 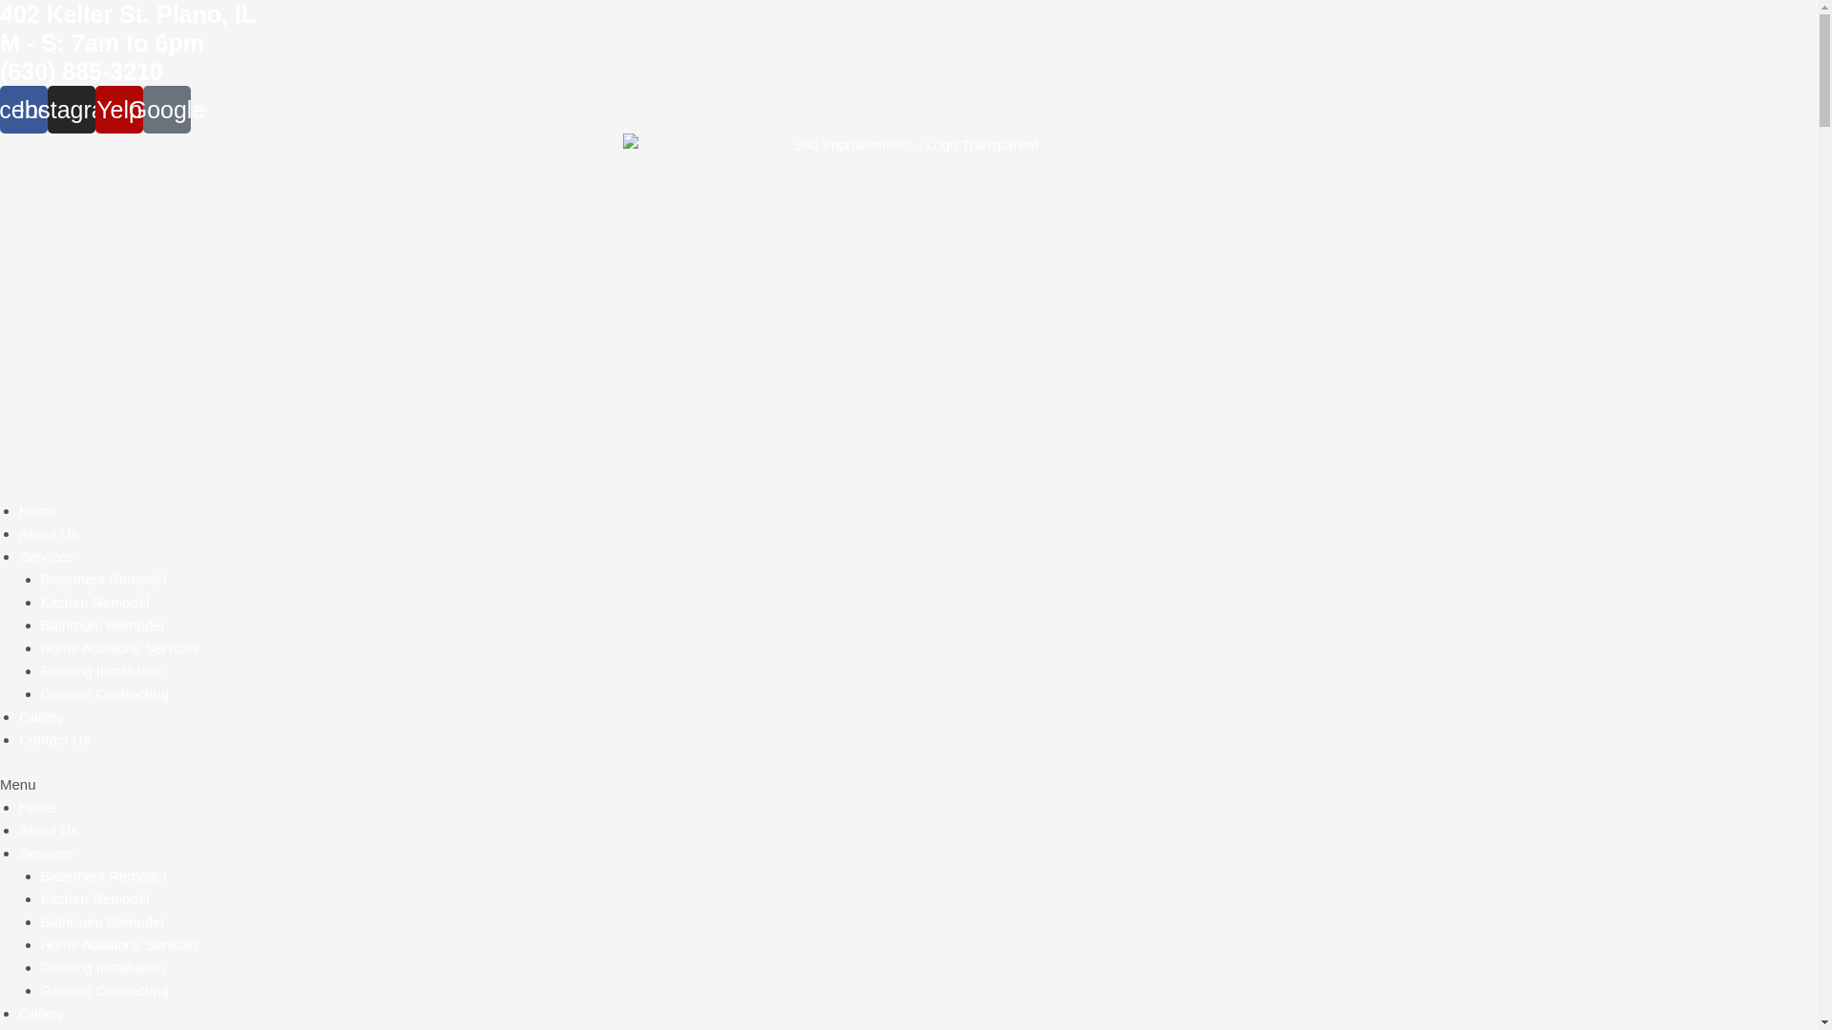 What do you see at coordinates (46, 556) in the screenshot?
I see `'Services'` at bounding box center [46, 556].